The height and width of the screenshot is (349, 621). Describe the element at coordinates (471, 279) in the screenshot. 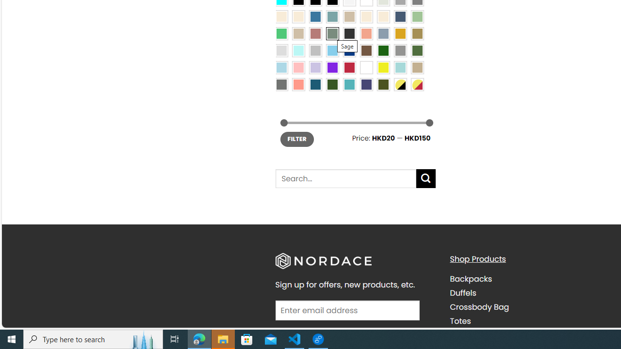

I see `'Backpacks'` at that location.